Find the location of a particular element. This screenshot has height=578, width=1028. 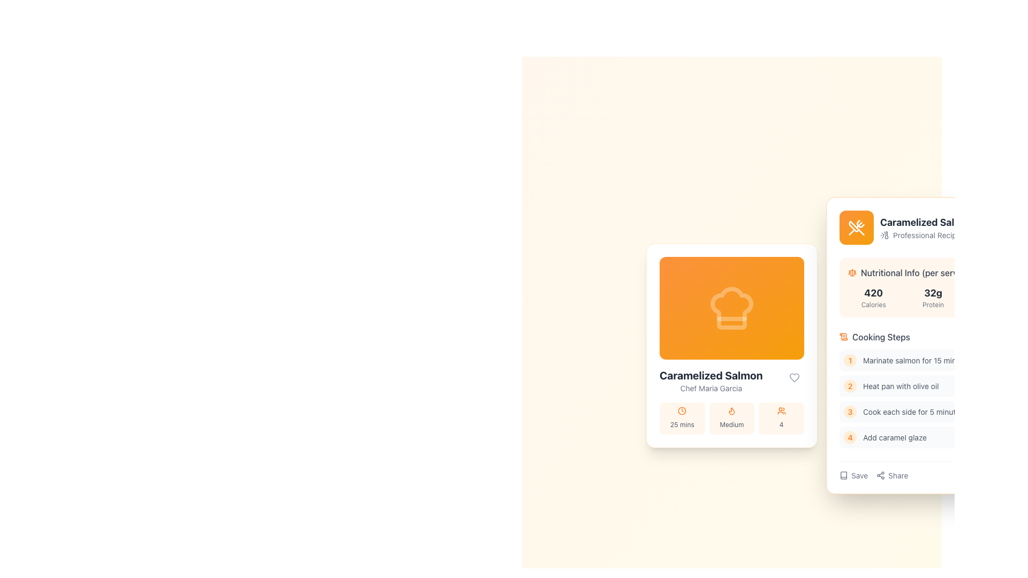

the text element displaying the calorie content located under the header 'Nutritional Info (per serving)' and above the label 'Calories' is located at coordinates (873, 293).